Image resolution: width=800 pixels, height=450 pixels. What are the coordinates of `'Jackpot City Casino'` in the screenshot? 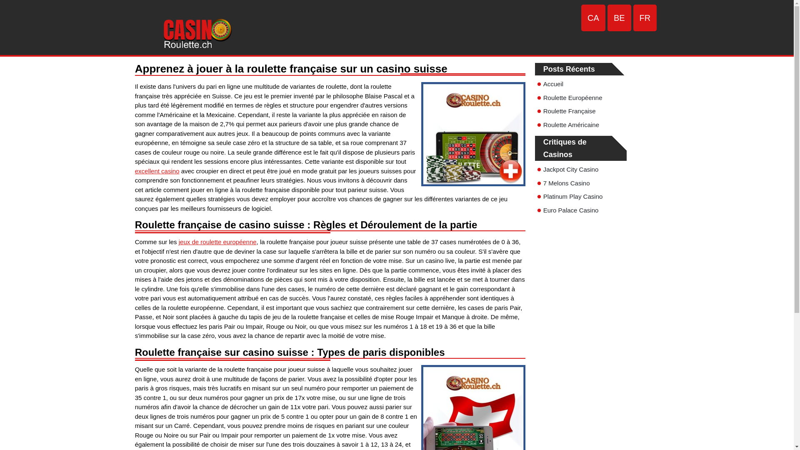 It's located at (570, 169).